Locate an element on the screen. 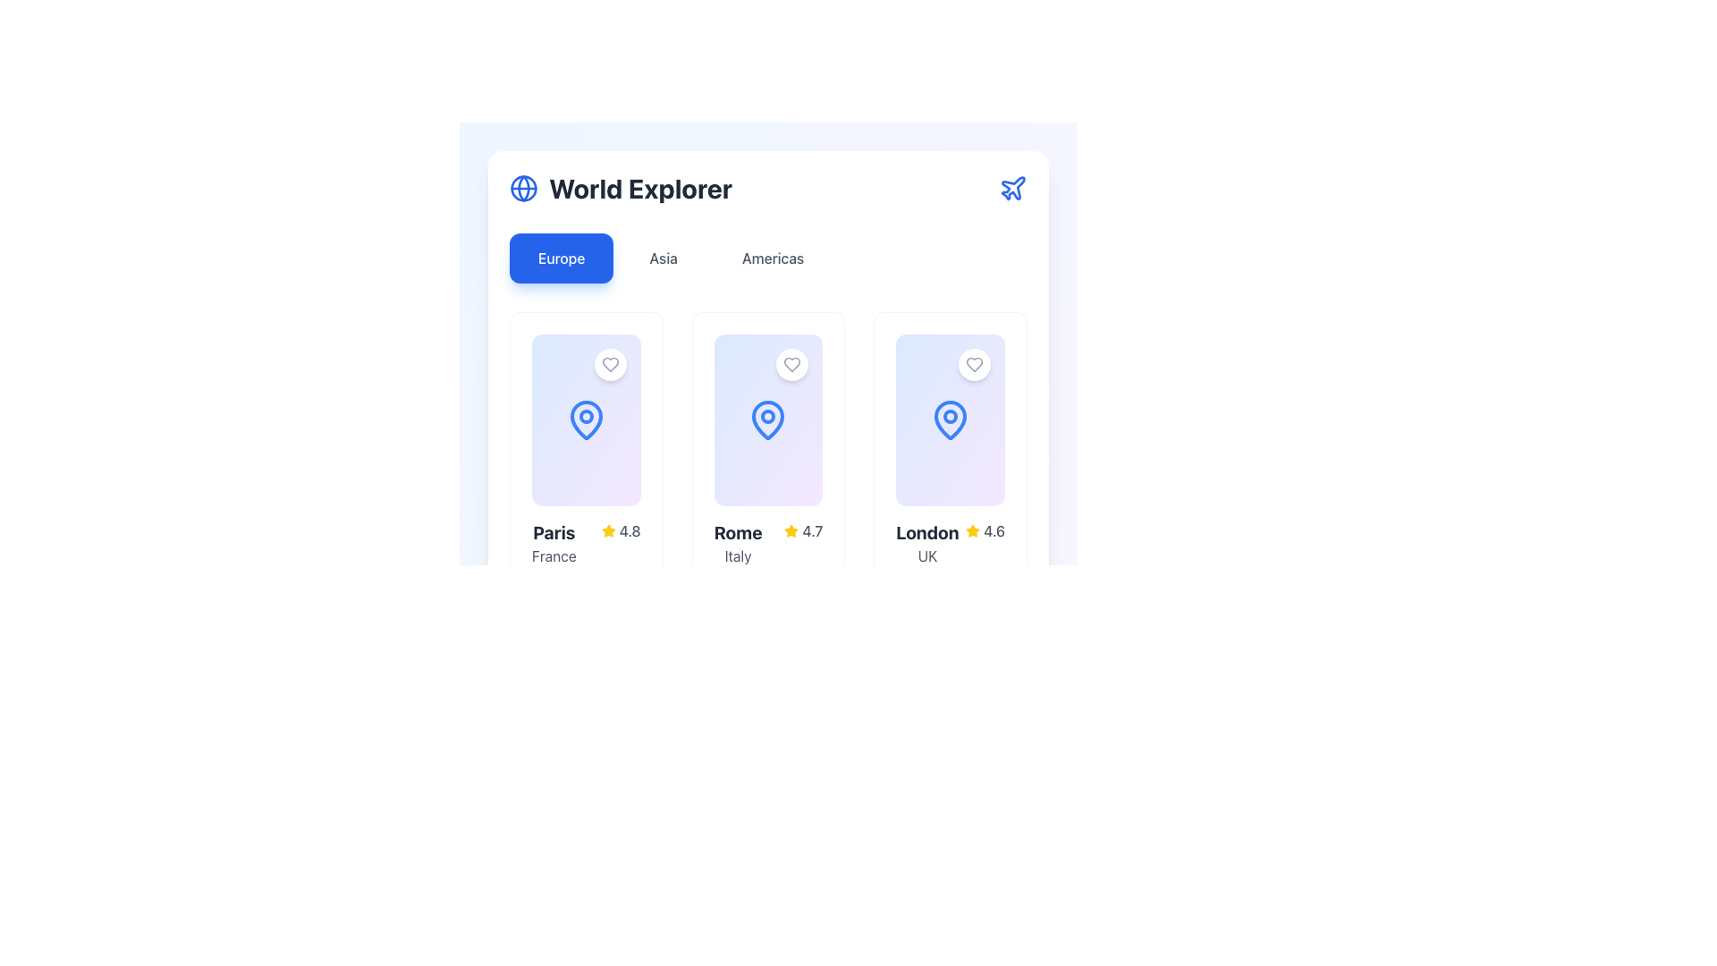 Image resolution: width=1717 pixels, height=966 pixels. the heart icon within the interactive button located in the top-right corner of the 'Rome' card is located at coordinates (791, 364).